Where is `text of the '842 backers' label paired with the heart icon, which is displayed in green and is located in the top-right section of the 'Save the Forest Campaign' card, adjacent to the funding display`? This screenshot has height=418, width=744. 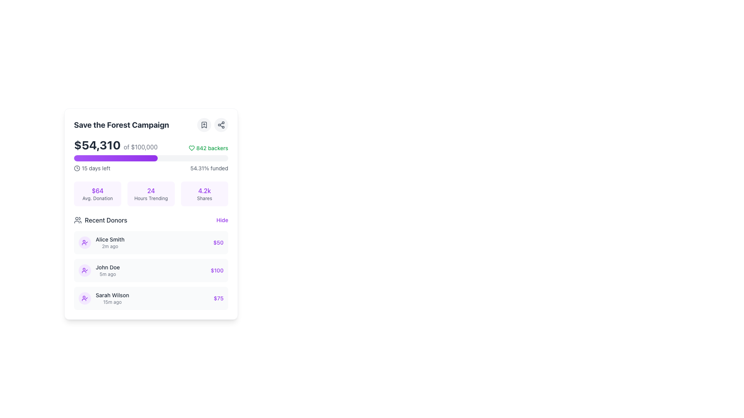
text of the '842 backers' label paired with the heart icon, which is displayed in green and is located in the top-right section of the 'Save the Forest Campaign' card, adjacent to the funding display is located at coordinates (208, 148).